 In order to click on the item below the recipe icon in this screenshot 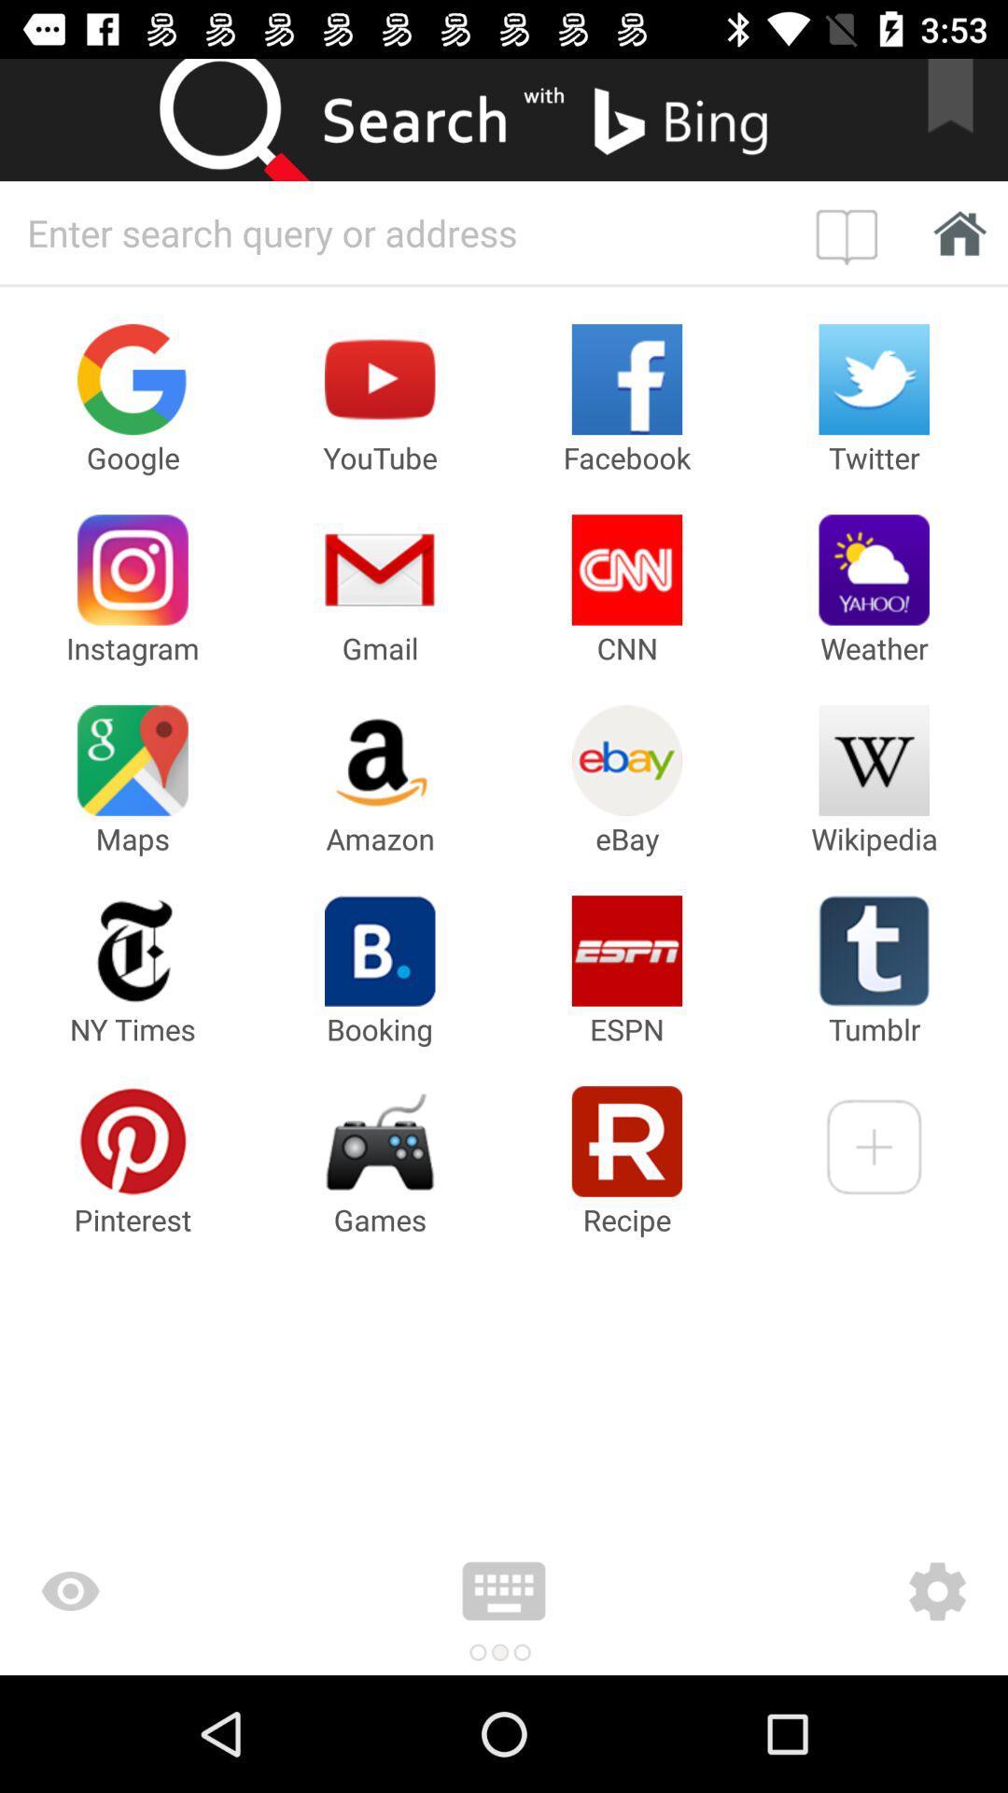, I will do `click(826, 1590)`.